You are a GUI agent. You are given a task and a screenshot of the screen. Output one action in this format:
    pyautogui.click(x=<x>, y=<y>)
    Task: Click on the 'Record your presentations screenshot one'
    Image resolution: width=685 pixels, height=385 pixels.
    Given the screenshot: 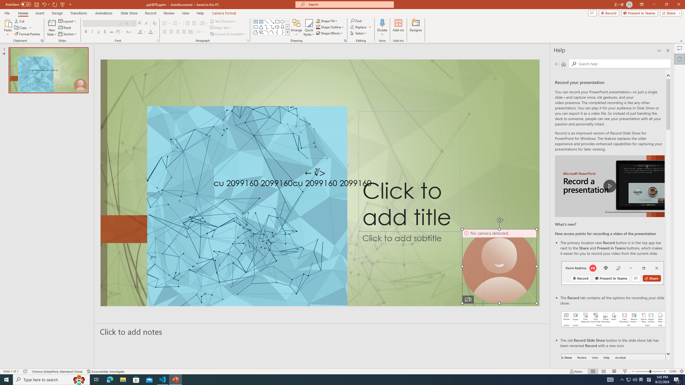 What is the action you would take?
    pyautogui.click(x=613, y=319)
    